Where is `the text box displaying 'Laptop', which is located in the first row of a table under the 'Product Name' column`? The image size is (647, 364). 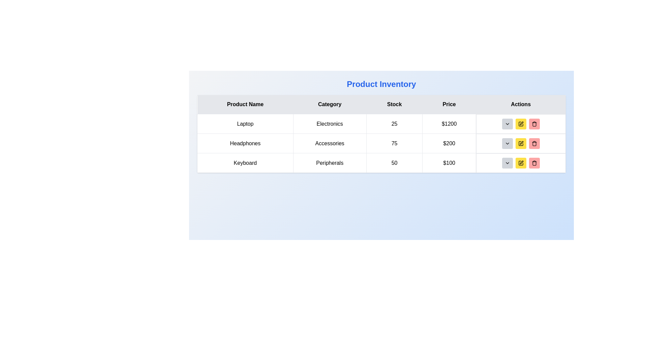 the text box displaying 'Laptop', which is located in the first row of a table under the 'Product Name' column is located at coordinates (245, 124).